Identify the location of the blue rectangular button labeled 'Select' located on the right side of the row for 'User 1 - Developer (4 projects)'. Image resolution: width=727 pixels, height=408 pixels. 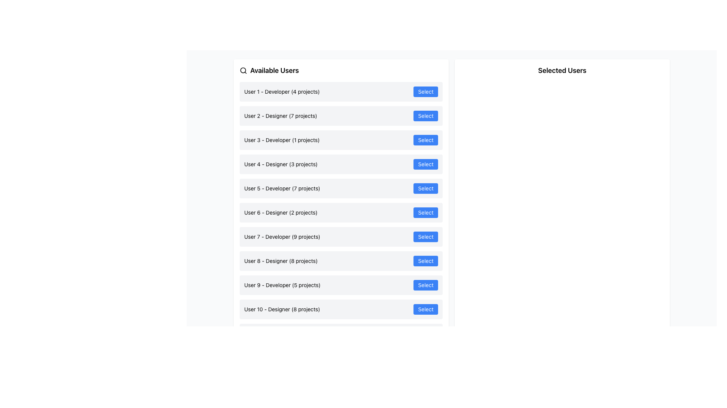
(426, 91).